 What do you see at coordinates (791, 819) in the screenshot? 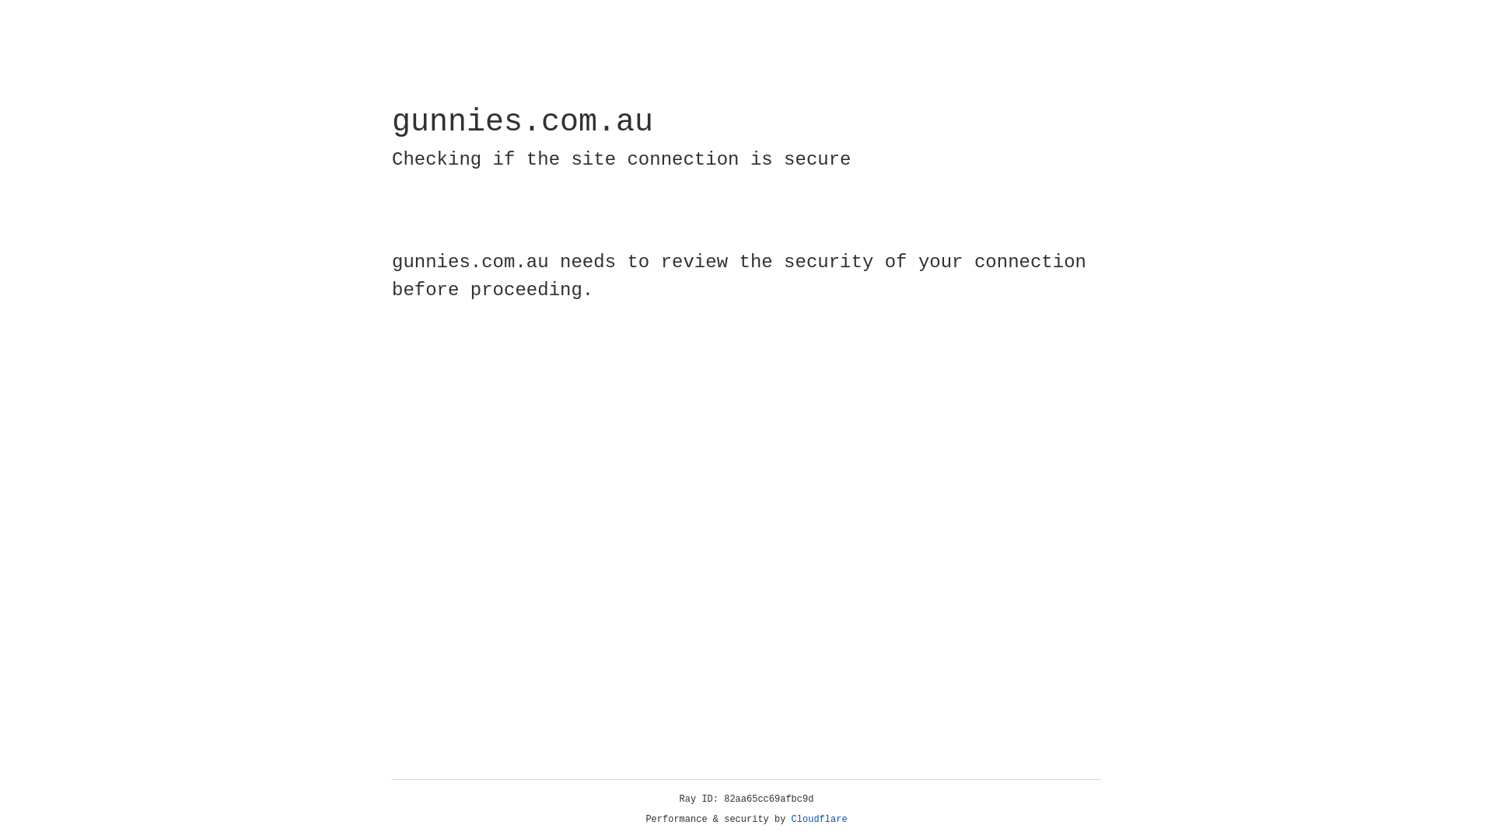
I see `'Cloudflare'` at bounding box center [791, 819].